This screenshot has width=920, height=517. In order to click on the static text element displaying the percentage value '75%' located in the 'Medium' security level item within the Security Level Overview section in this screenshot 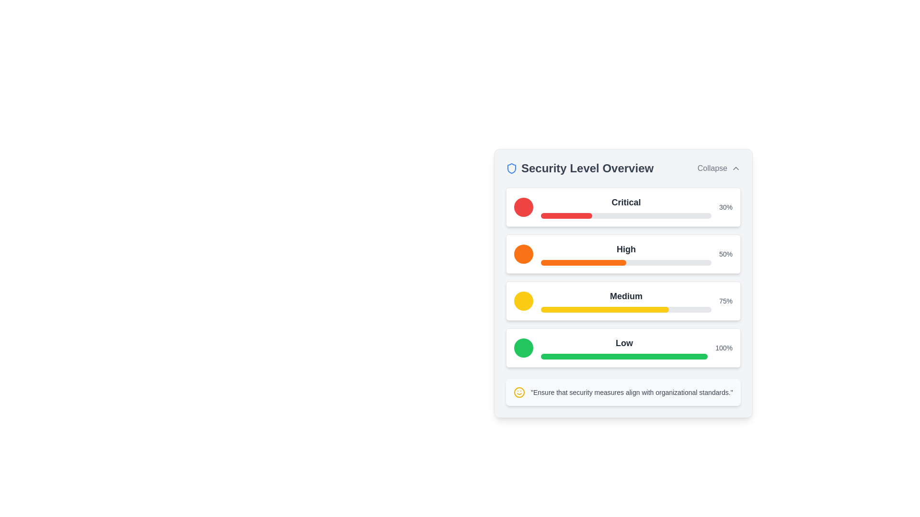, I will do `click(726, 300)`.